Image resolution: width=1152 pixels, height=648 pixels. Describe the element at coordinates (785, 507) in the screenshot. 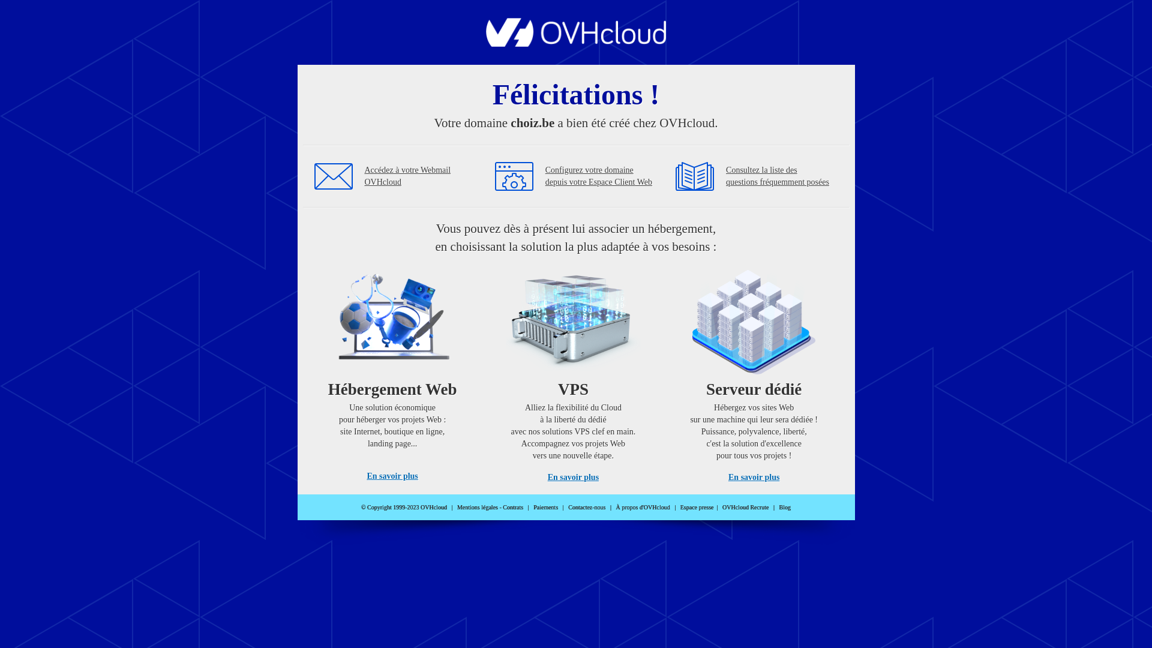

I see `'Blog'` at that location.